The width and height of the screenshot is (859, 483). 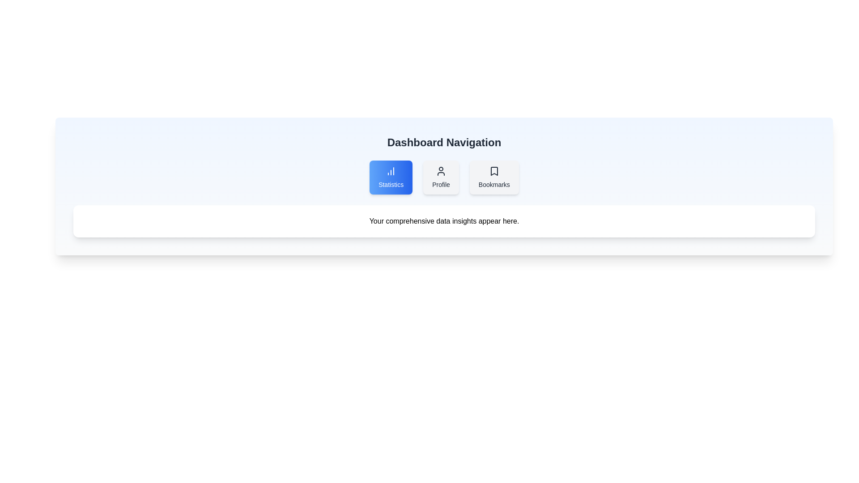 I want to click on the 'Profile' button in the central navigation bar of the 'Dashboard Navigation' panel, so click(x=444, y=178).